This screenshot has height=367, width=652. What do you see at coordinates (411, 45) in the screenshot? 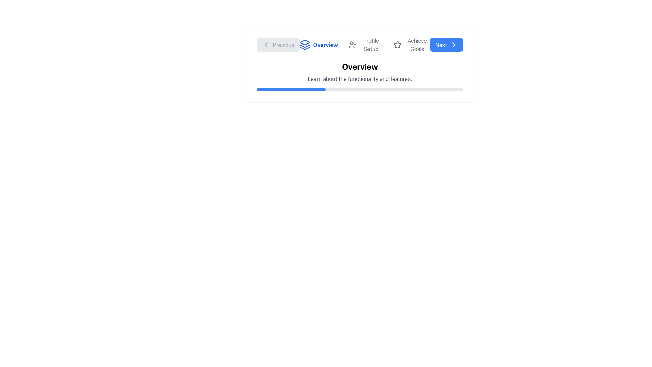
I see `the 'Achieve Goals' navigation tab, which features a star icon and is positioned between 'Profile Setup' and 'Next'` at bounding box center [411, 45].